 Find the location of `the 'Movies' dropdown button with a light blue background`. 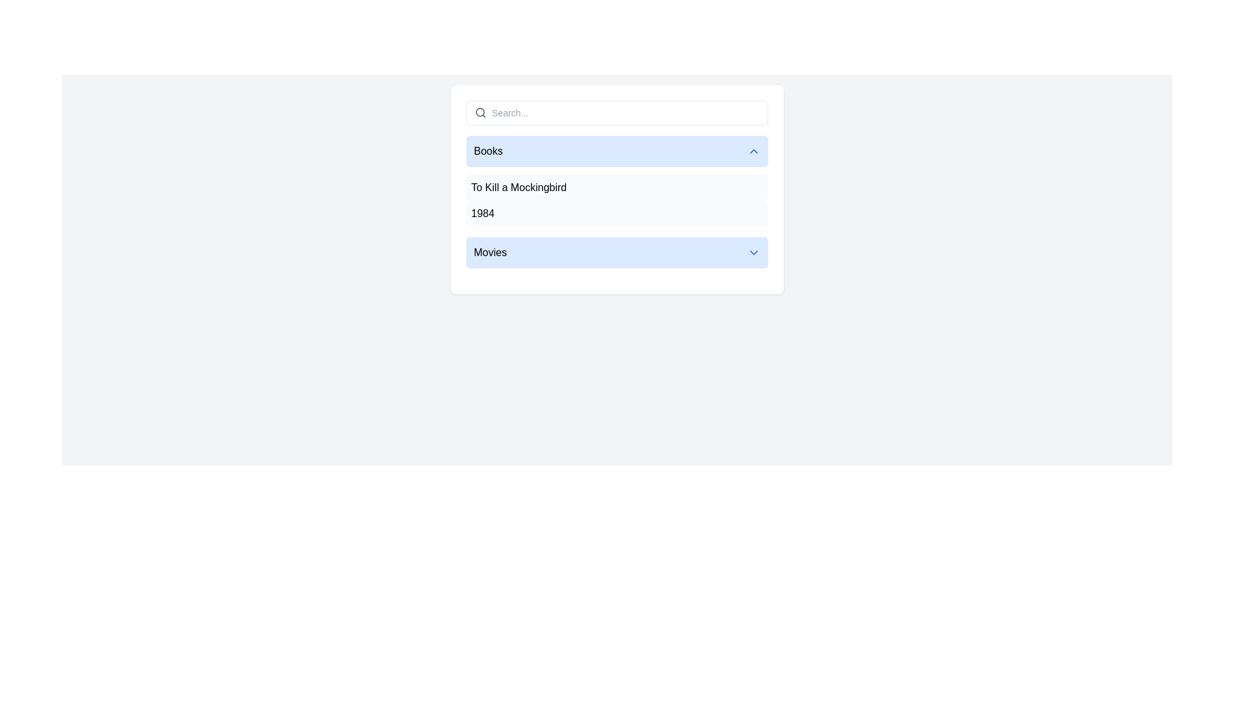

the 'Movies' dropdown button with a light blue background is located at coordinates (616, 253).